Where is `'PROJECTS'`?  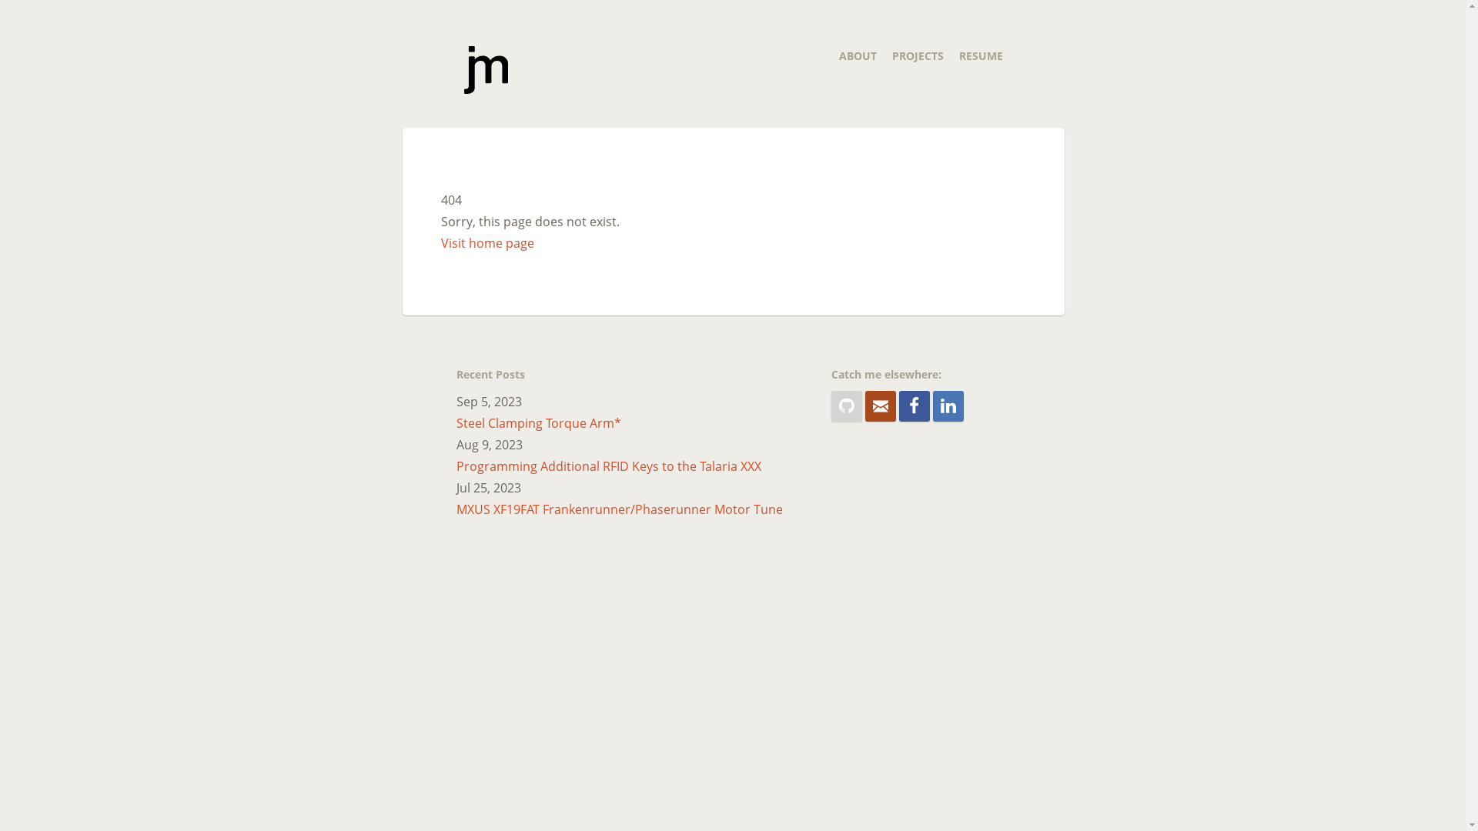 'PROJECTS' is located at coordinates (917, 55).